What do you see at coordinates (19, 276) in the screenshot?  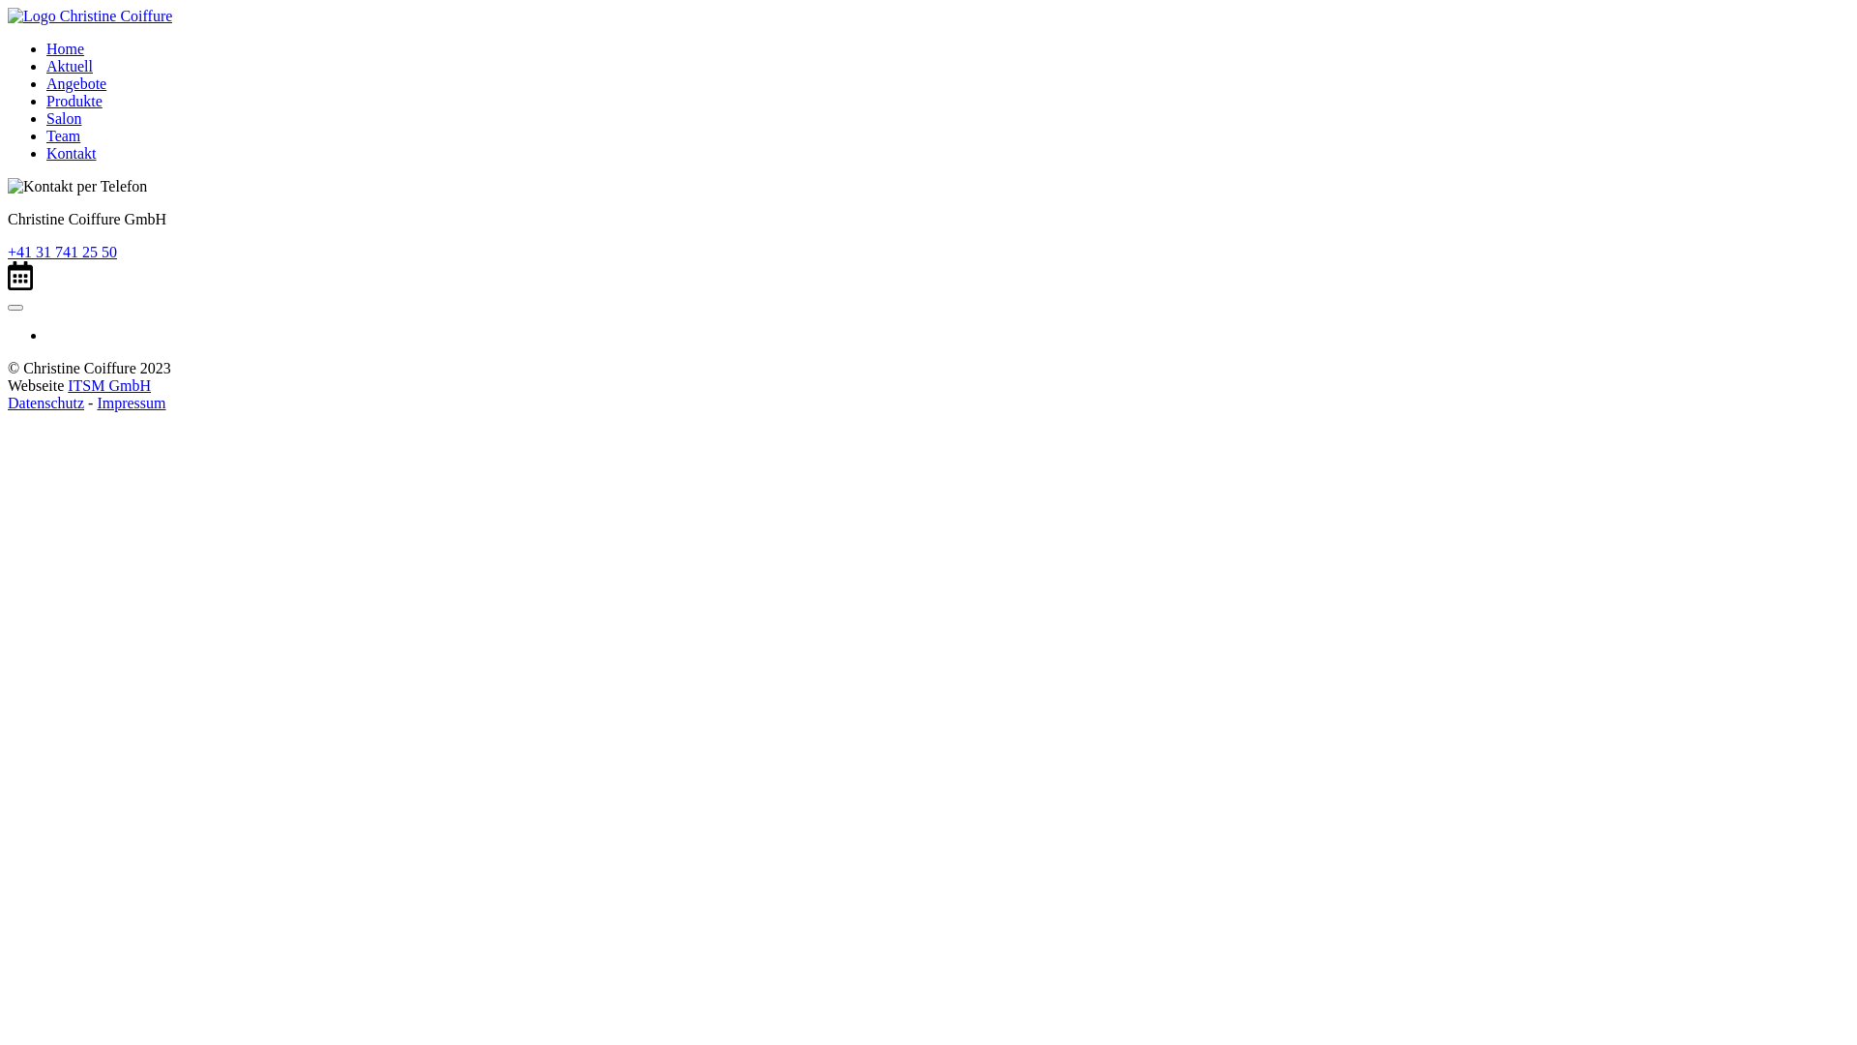 I see `'Online Termin Reservation'` at bounding box center [19, 276].